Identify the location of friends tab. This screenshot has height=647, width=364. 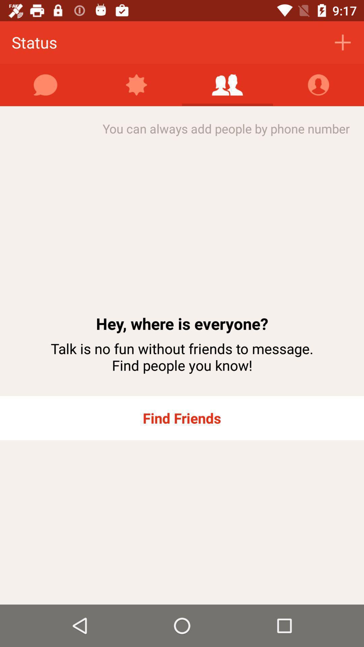
(227, 85).